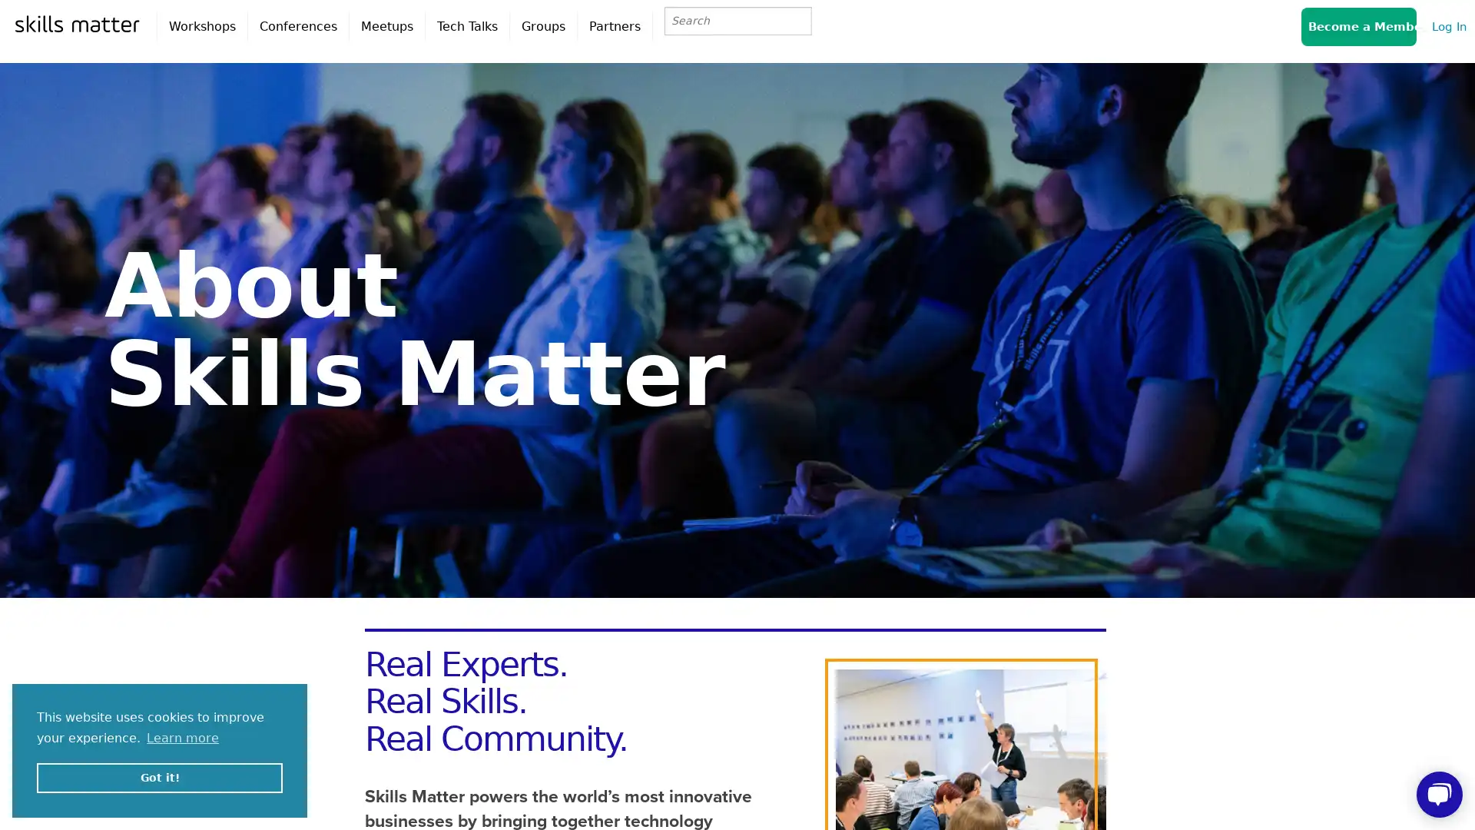 The height and width of the screenshot is (830, 1475). I want to click on dismiss cookie message, so click(159, 777).